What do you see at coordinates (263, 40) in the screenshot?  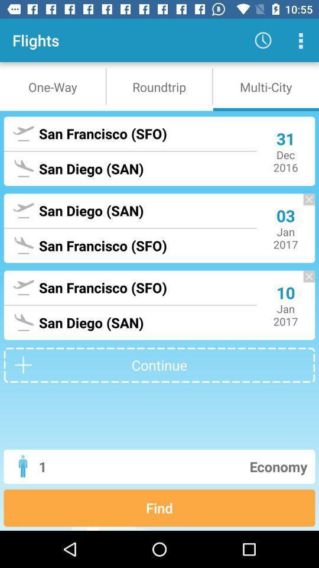 I see `the icon to the right of flights item` at bounding box center [263, 40].